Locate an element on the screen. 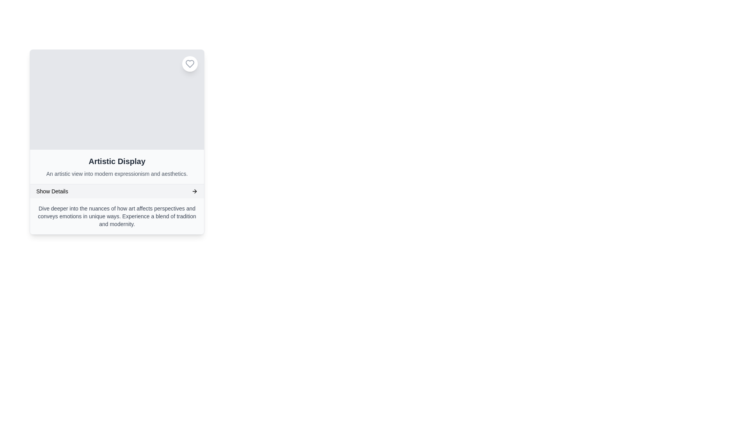  the heart icon button located at the top-right corner of the card component, which serves as a visual indicator for 'favorite' or 'like' actions is located at coordinates (190, 64).